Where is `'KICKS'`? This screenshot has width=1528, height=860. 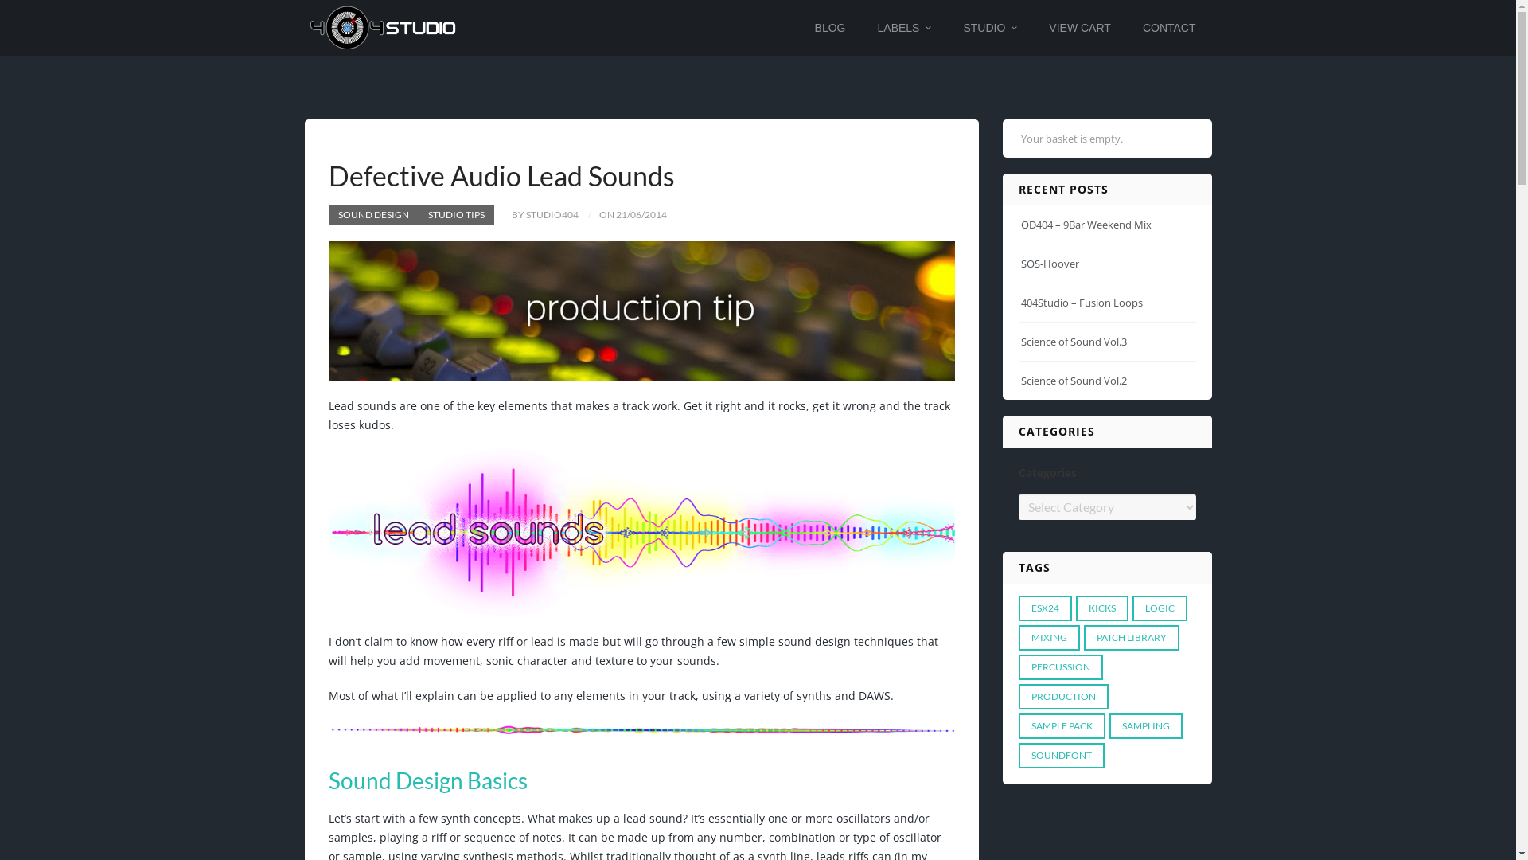 'KICKS' is located at coordinates (1101, 608).